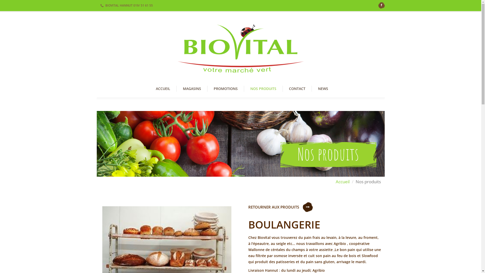 The image size is (485, 273). Describe the element at coordinates (143, 5) in the screenshot. I see `'019/ 51 61 55'` at that location.